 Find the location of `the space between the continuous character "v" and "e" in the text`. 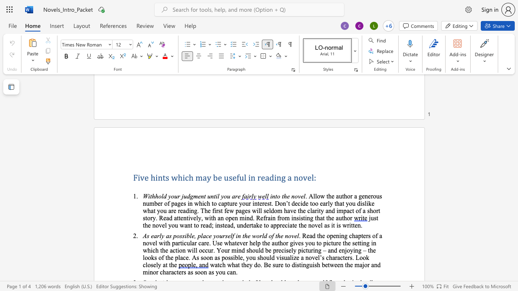

the space between the continuous character "v" and "e" in the text is located at coordinates (300, 196).